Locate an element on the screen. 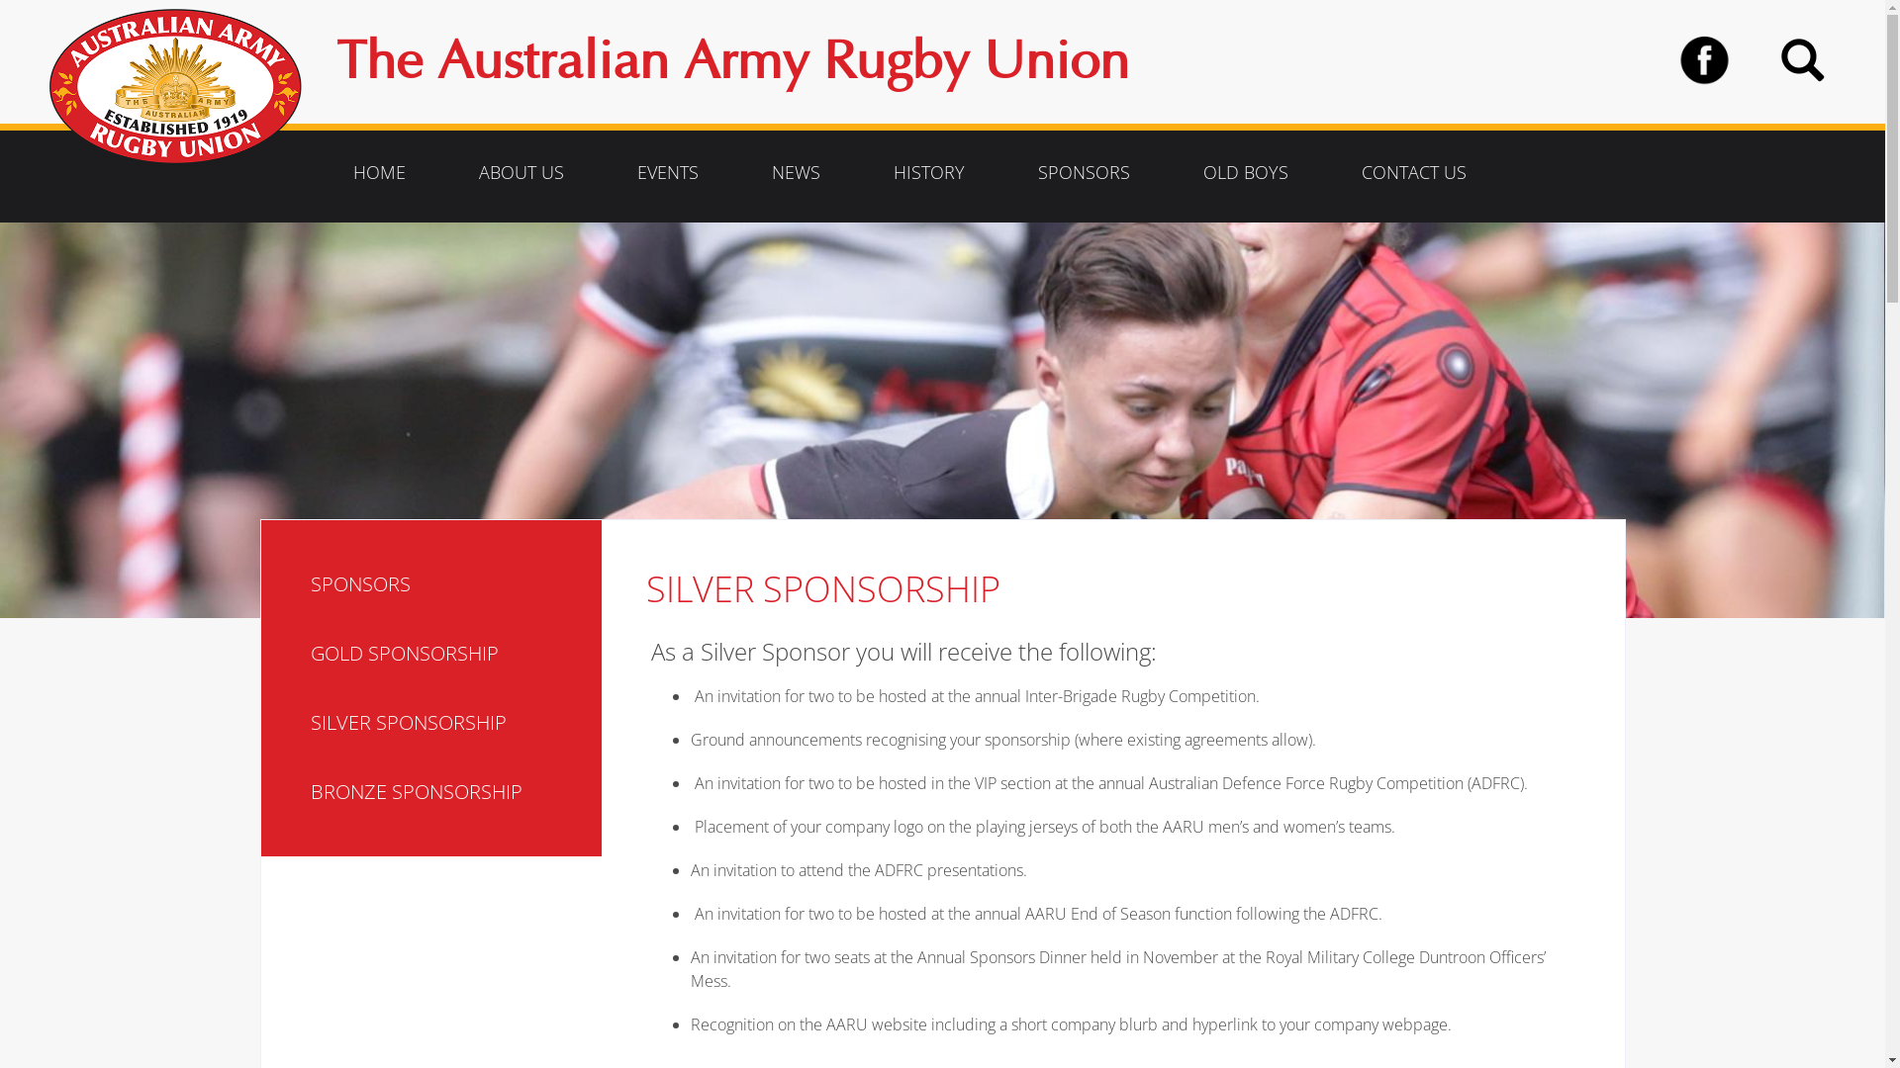  'BRONZE SPONSORSHIP' is located at coordinates (448, 791).